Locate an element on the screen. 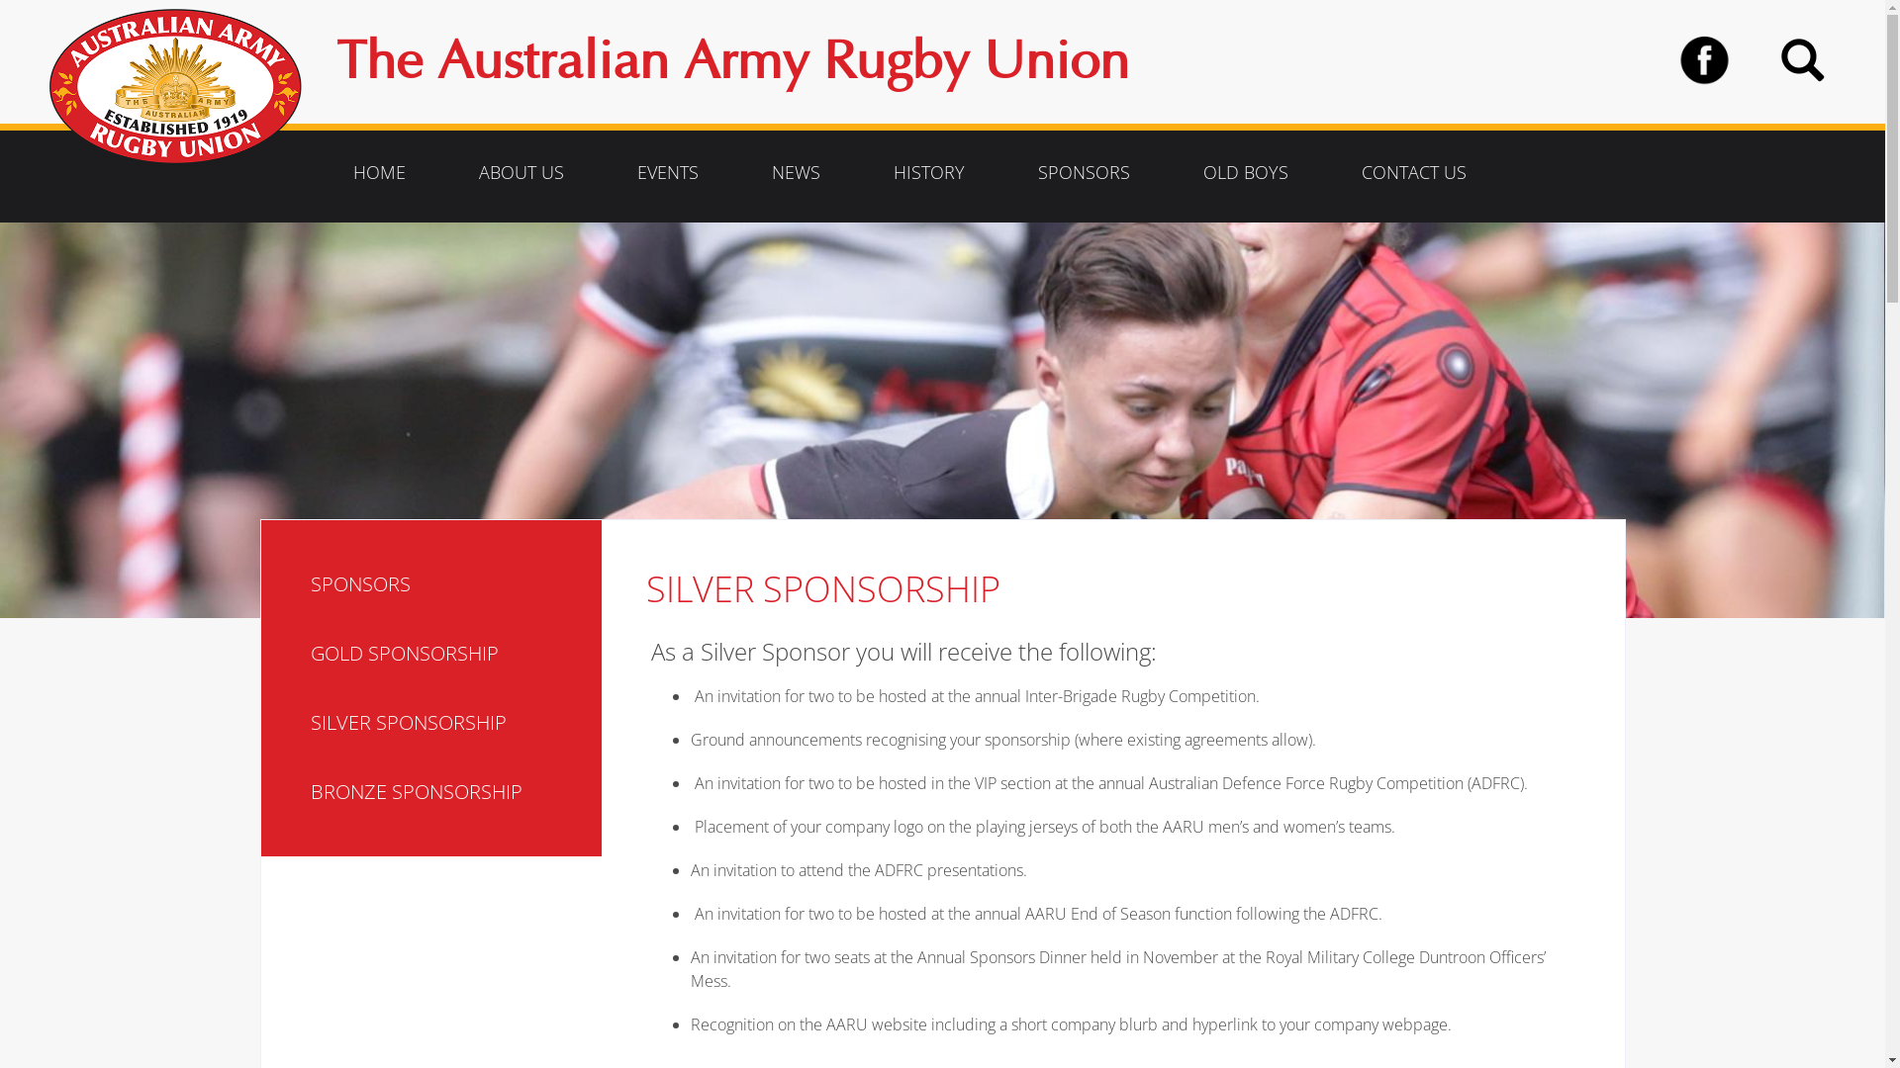  'BRONZE SPONSORSHIP' is located at coordinates (448, 791).